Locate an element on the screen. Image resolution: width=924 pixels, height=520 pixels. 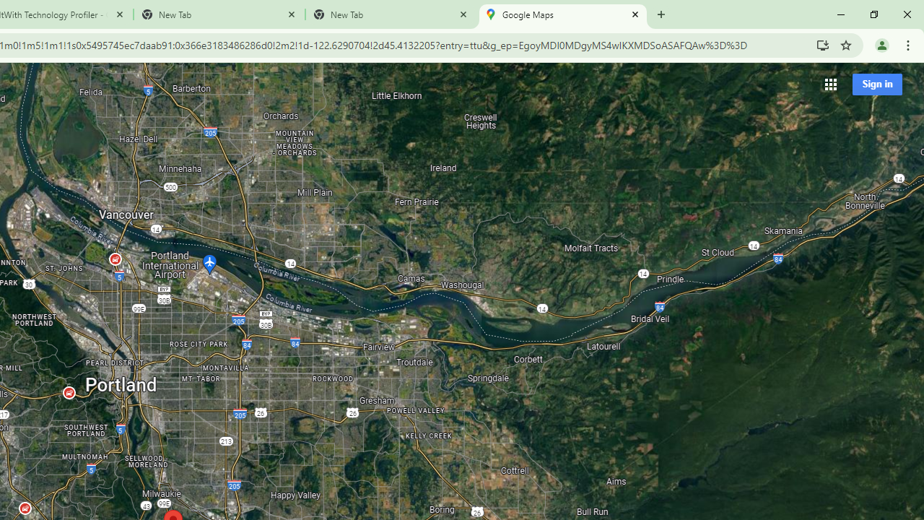
'Install Google Maps' is located at coordinates (822, 44).